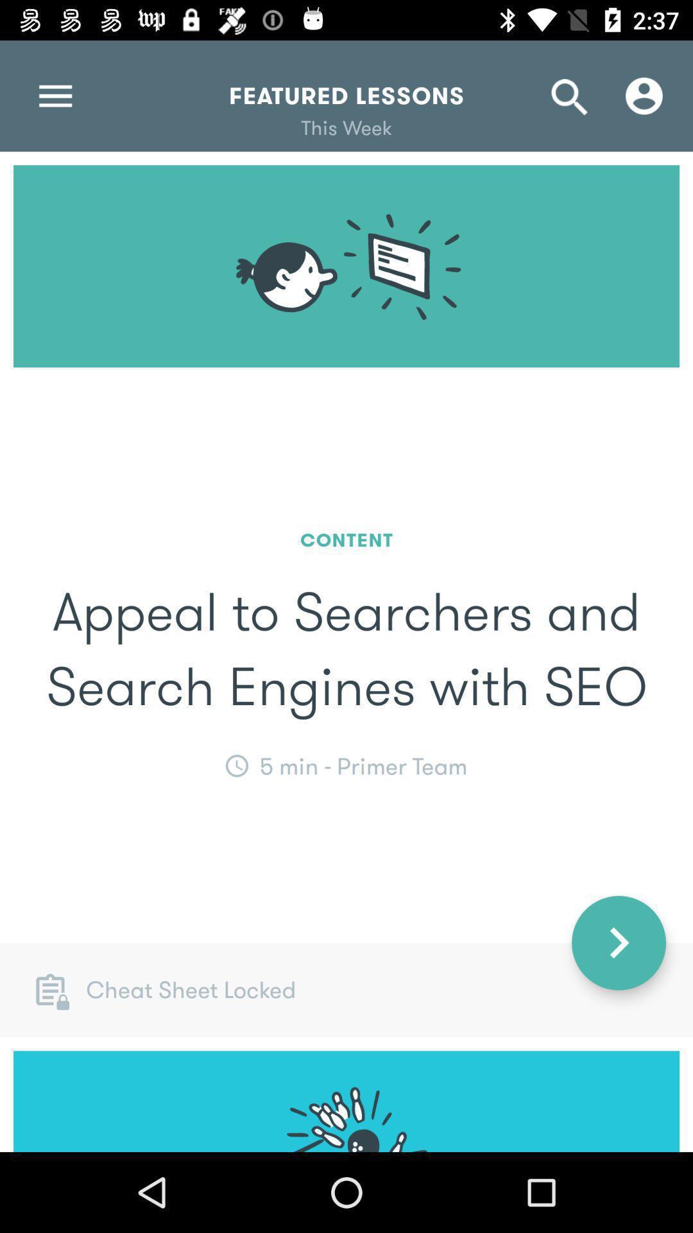 The height and width of the screenshot is (1233, 693). I want to click on the search icon, so click(569, 95).